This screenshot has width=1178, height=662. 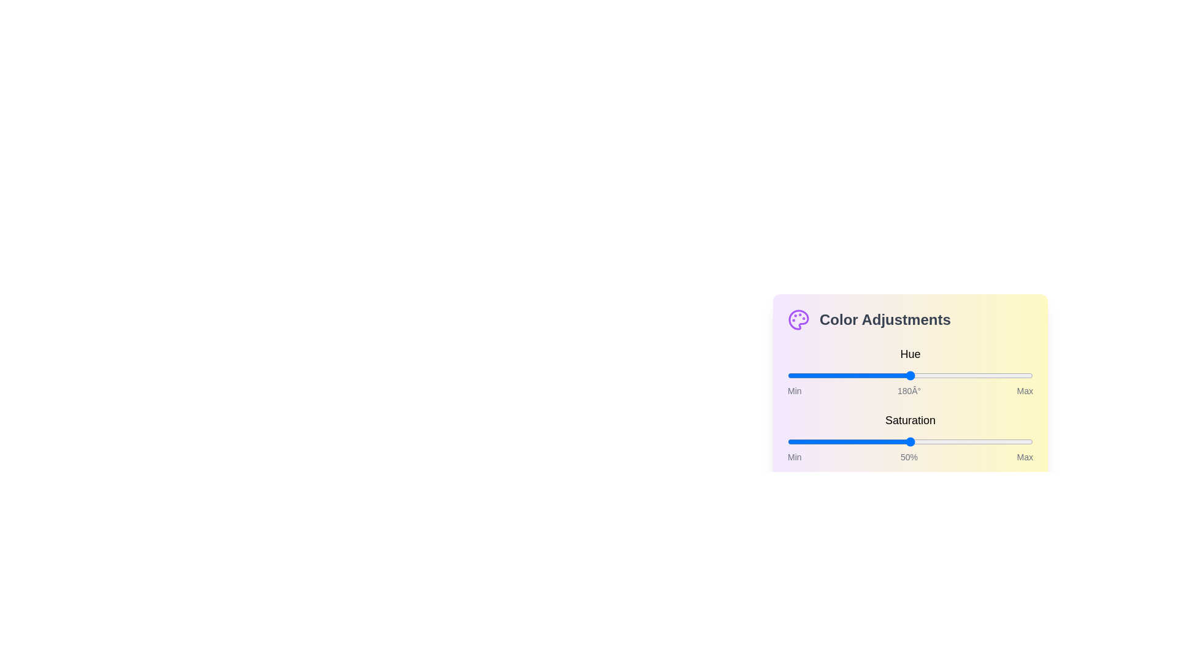 What do you see at coordinates (963, 442) in the screenshot?
I see `the saturation slider to 72` at bounding box center [963, 442].